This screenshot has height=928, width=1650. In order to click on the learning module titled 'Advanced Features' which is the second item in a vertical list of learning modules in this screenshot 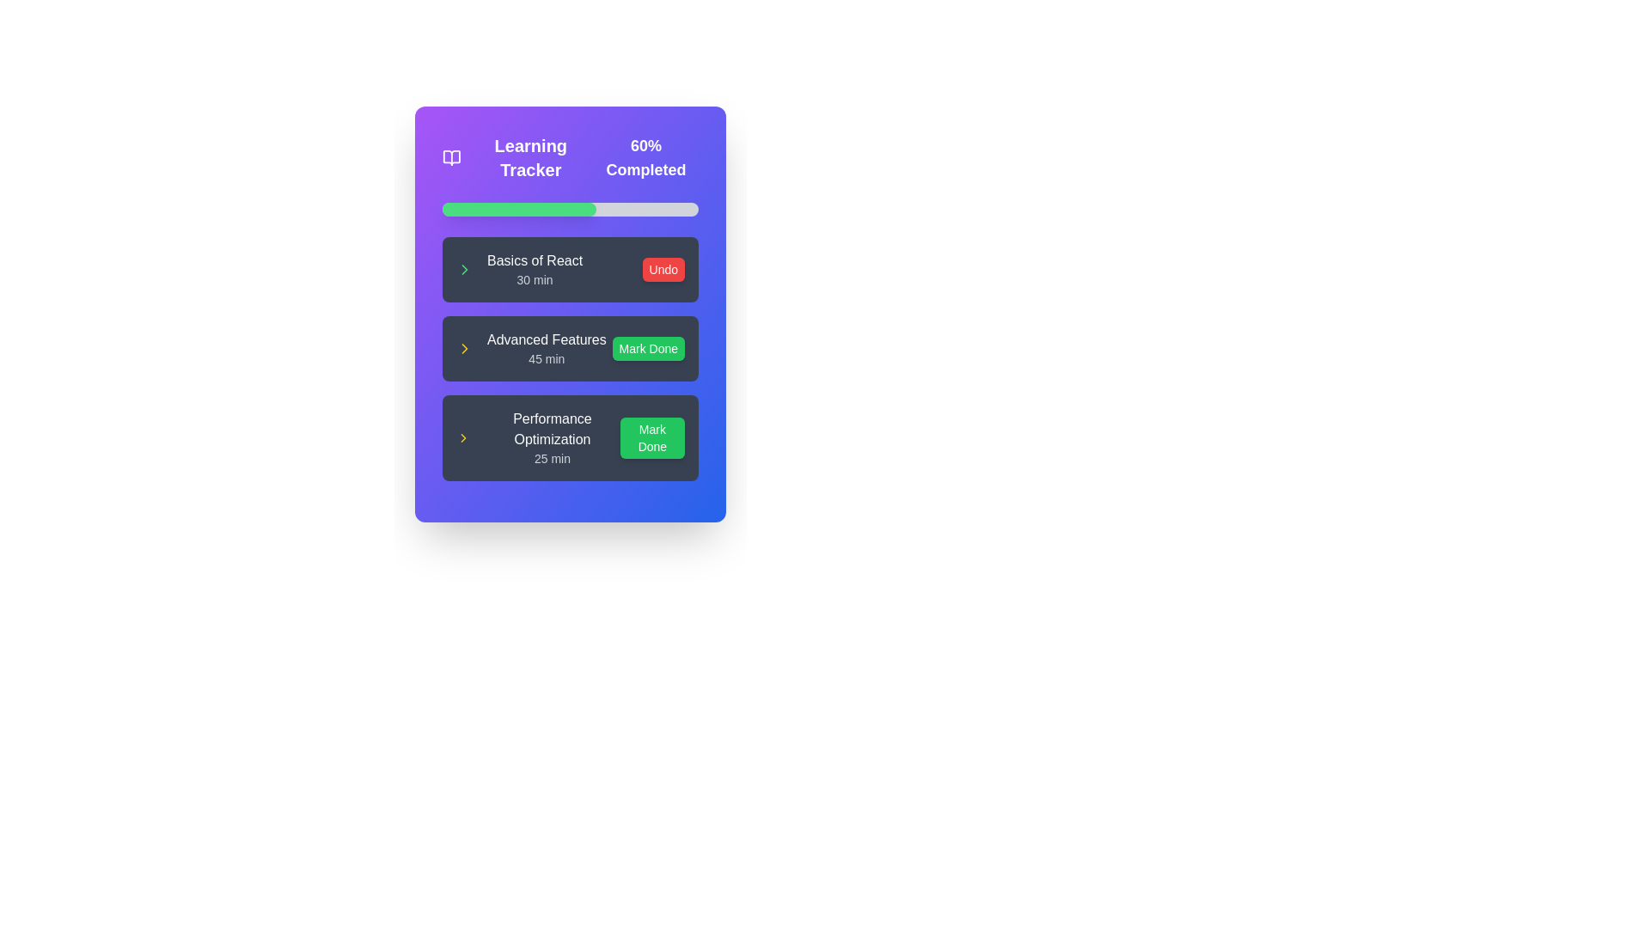, I will do `click(530, 348)`.